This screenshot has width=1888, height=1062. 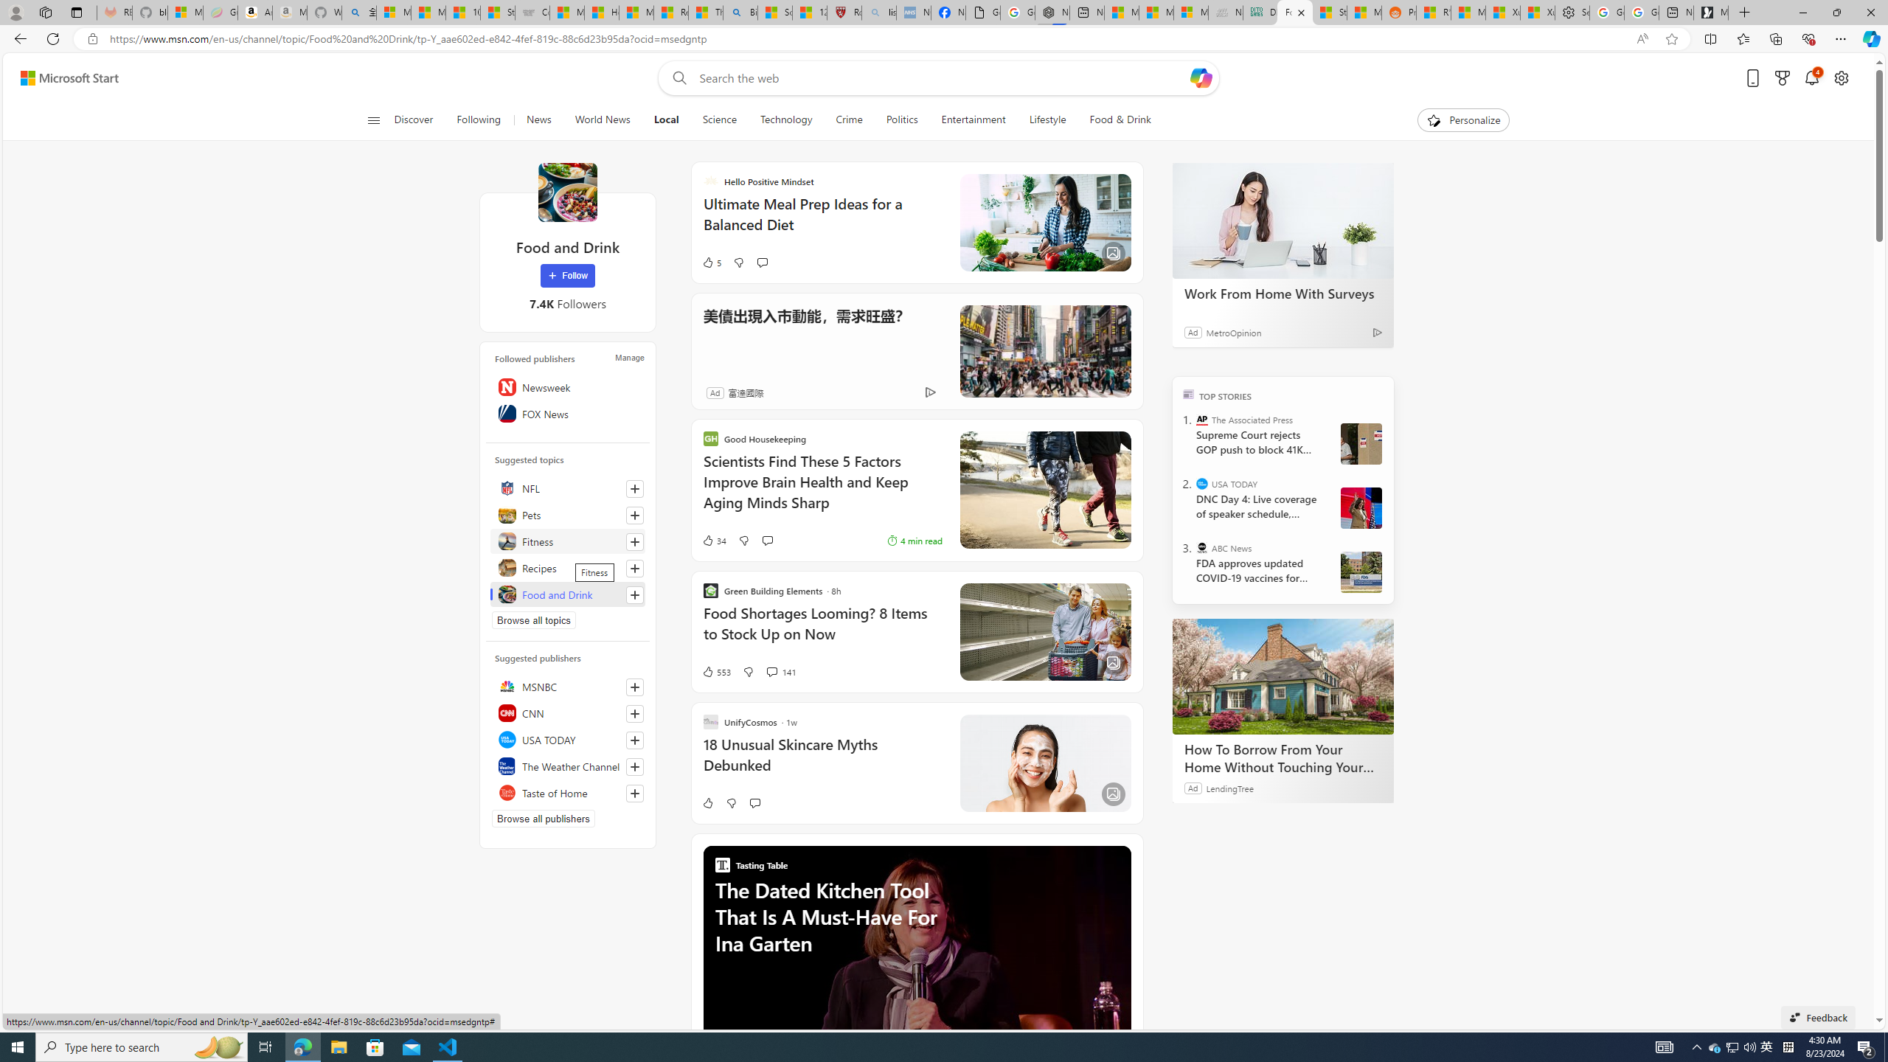 I want to click on 'To get missing image descriptions, open the context menu.', so click(x=1434, y=119).